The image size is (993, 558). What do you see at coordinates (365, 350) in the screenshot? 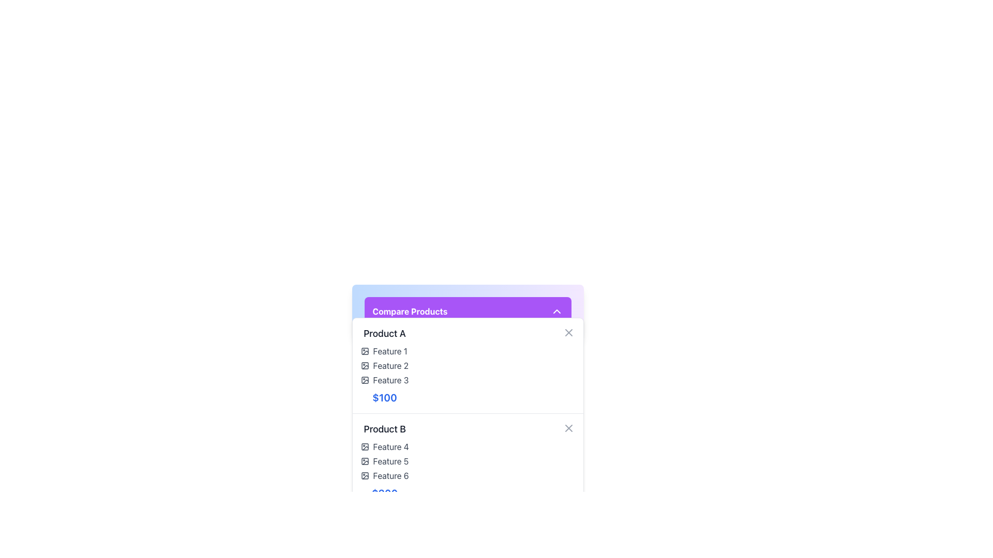
I see `the image icon positioned to the immediate left of the text 'Feature 1' under 'Product A'` at bounding box center [365, 350].